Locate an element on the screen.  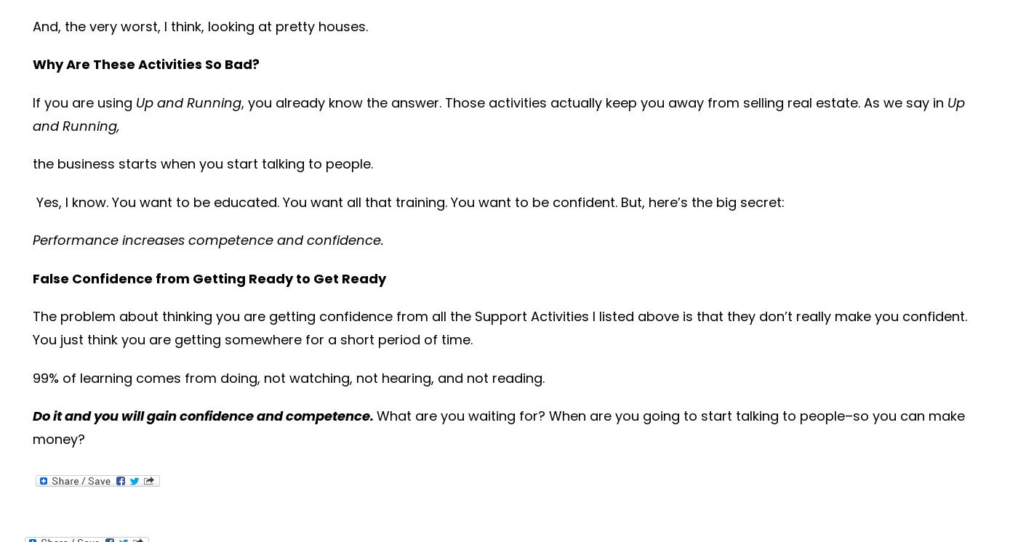
'Yes, I know. You want to be educated. You want all that training. You want to be confident. But, here’s the big secret:' is located at coordinates (407, 201).